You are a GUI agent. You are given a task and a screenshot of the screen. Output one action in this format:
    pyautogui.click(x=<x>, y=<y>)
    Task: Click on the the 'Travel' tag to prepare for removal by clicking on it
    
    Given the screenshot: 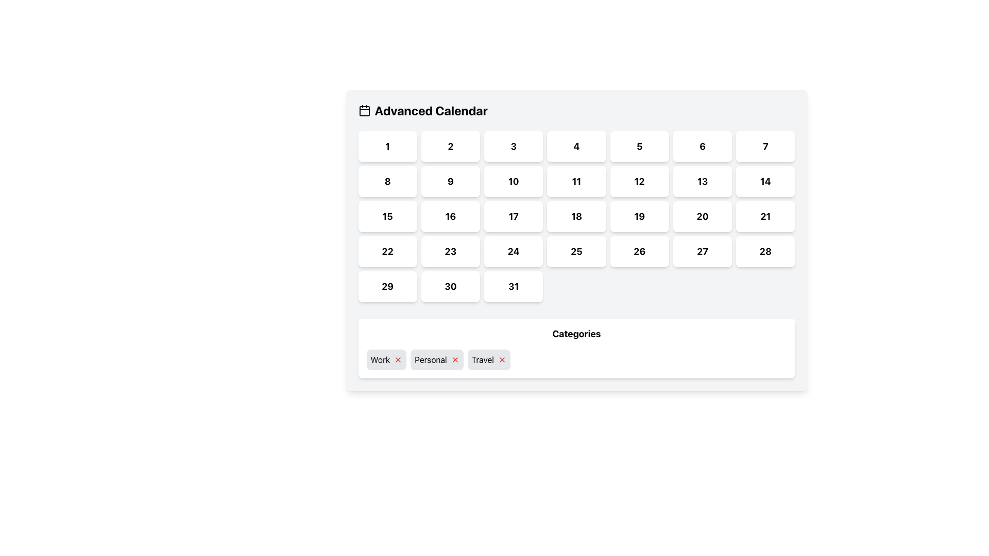 What is the action you would take?
    pyautogui.click(x=488, y=359)
    